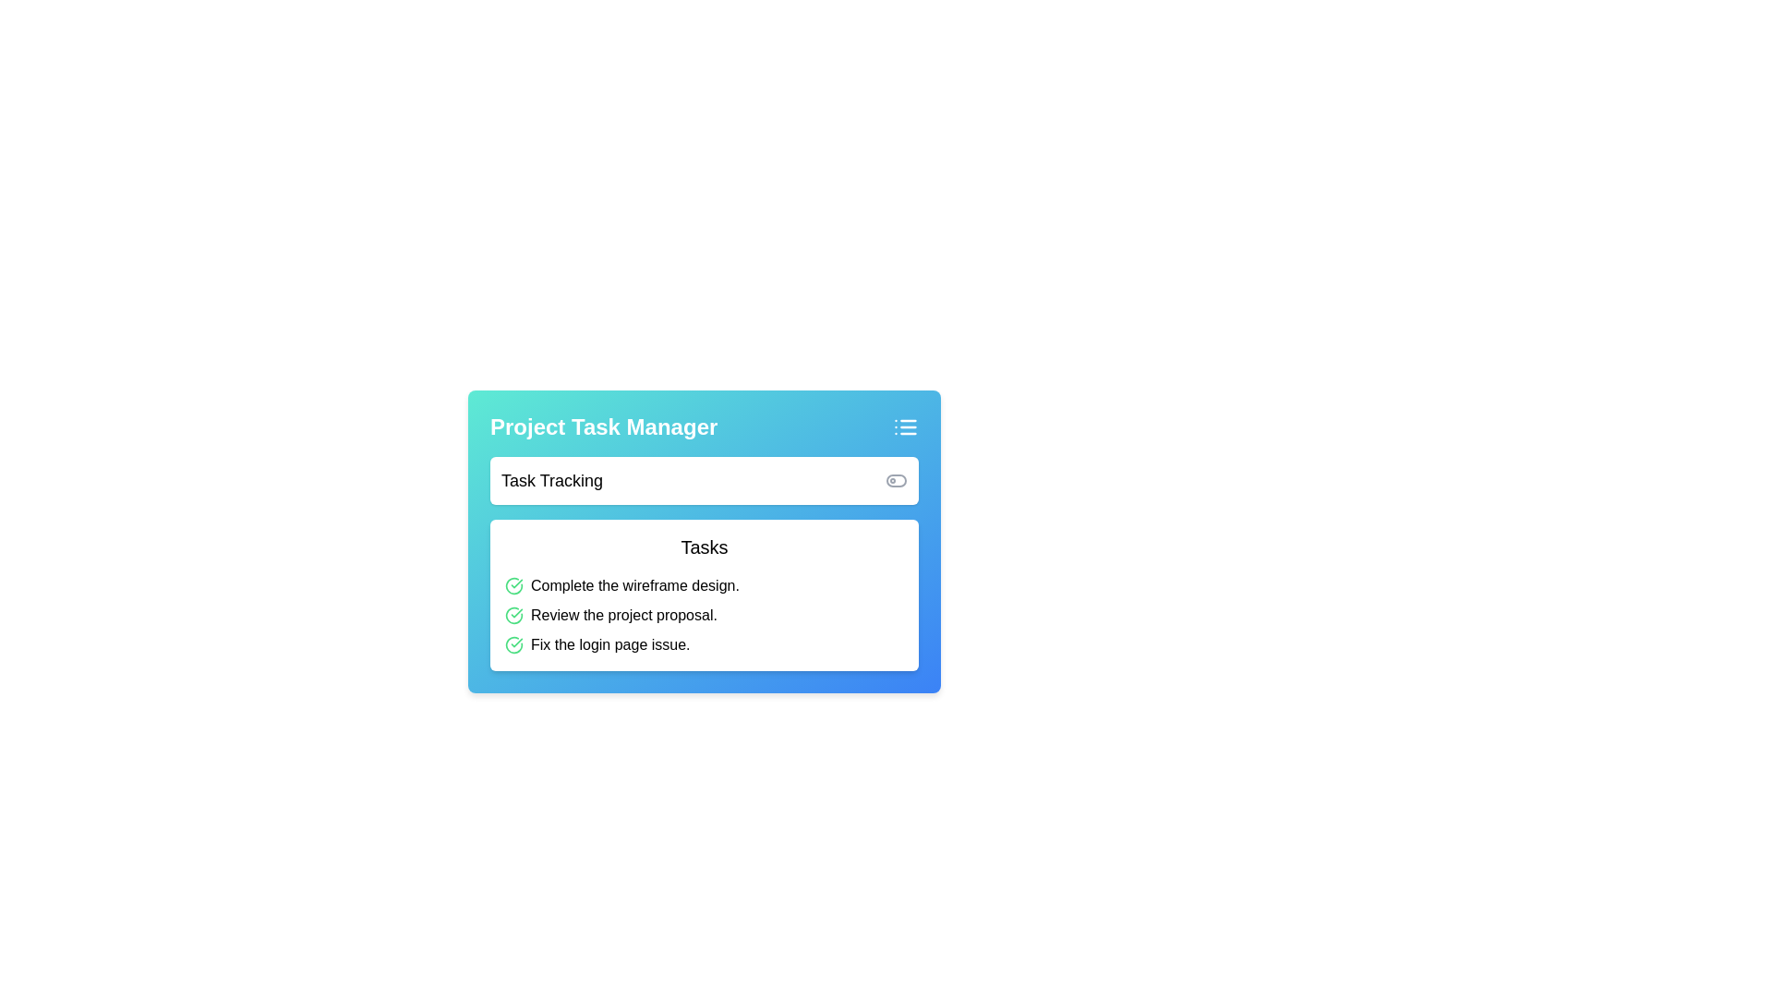 This screenshot has height=997, width=1773. I want to click on the text label 'Complete the wireframe design.' which is positioned next to a green checkmark icon to possibly trigger the corresponding action, so click(704, 586).